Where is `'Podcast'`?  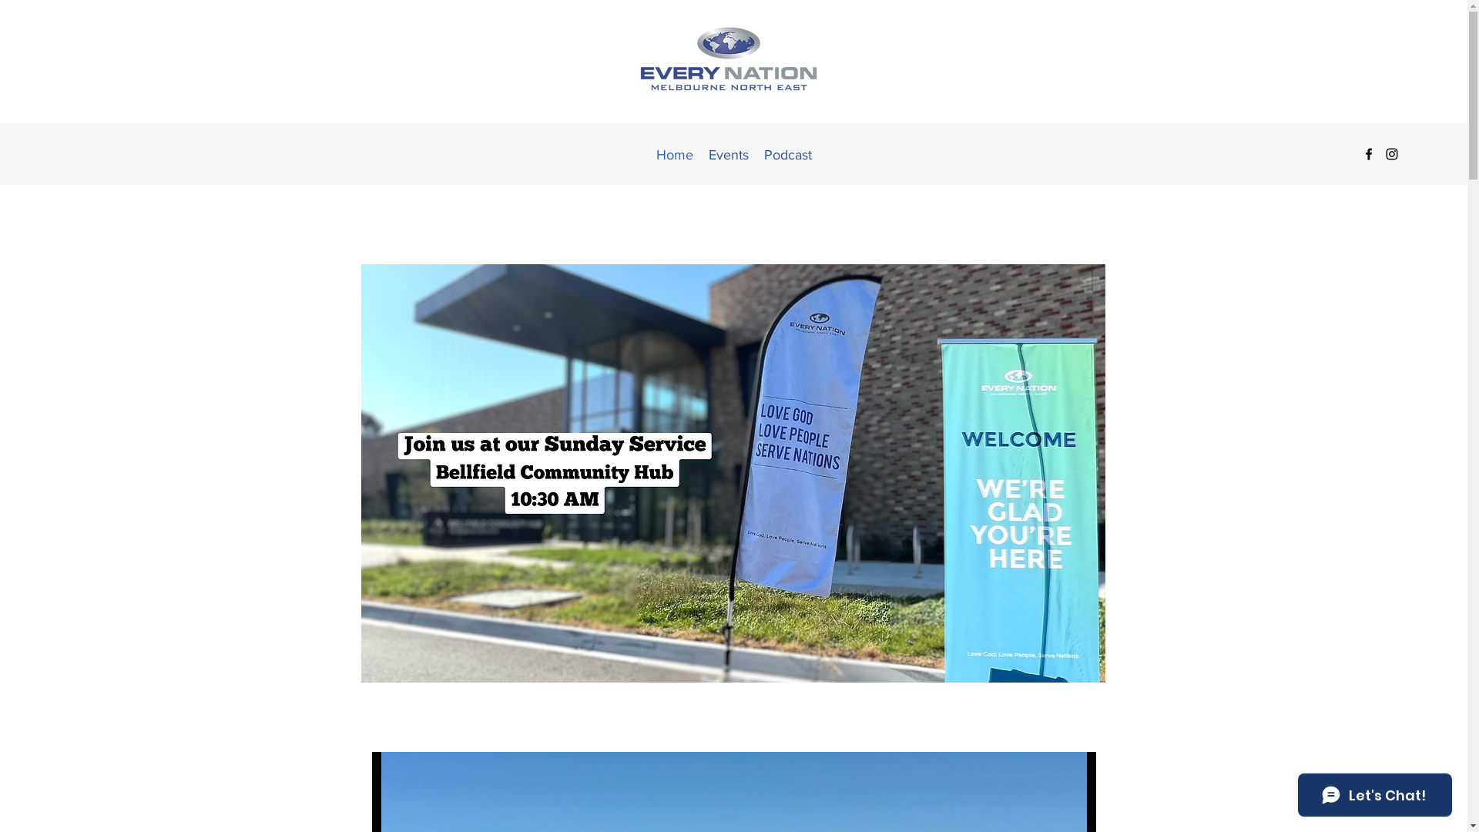 'Podcast' is located at coordinates (756, 154).